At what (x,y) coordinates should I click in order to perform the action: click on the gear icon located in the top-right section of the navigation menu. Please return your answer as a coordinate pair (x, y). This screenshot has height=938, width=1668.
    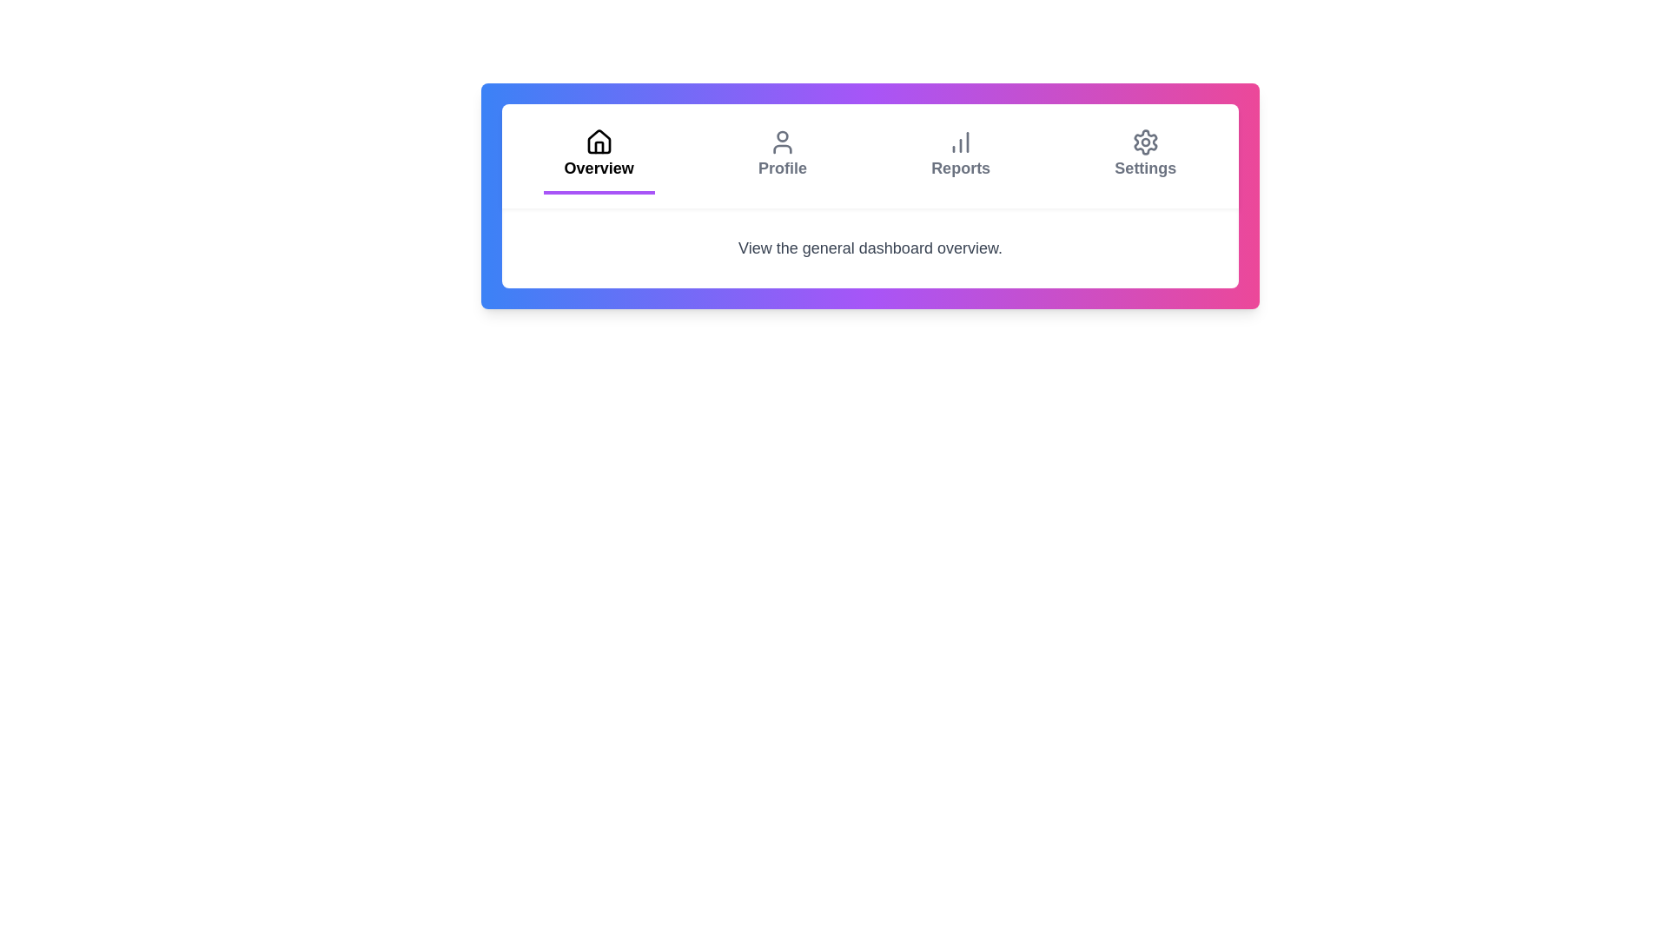
    Looking at the image, I should click on (1145, 142).